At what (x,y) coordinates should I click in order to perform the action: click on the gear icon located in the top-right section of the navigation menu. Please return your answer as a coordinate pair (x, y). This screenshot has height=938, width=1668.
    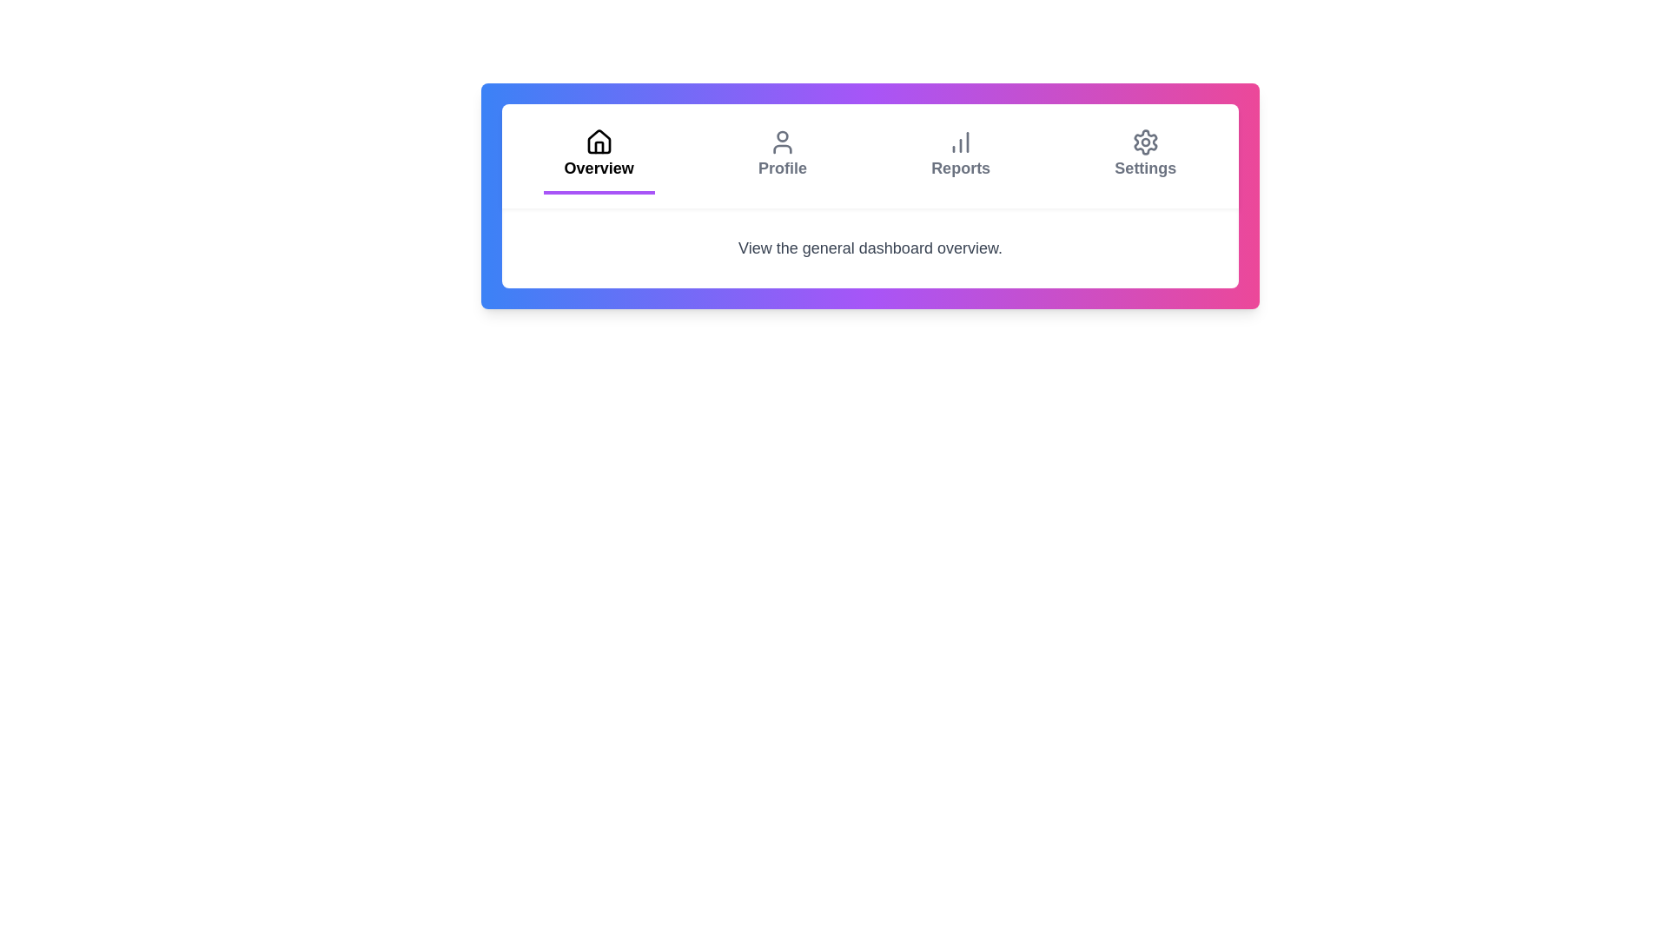
    Looking at the image, I should click on (1145, 142).